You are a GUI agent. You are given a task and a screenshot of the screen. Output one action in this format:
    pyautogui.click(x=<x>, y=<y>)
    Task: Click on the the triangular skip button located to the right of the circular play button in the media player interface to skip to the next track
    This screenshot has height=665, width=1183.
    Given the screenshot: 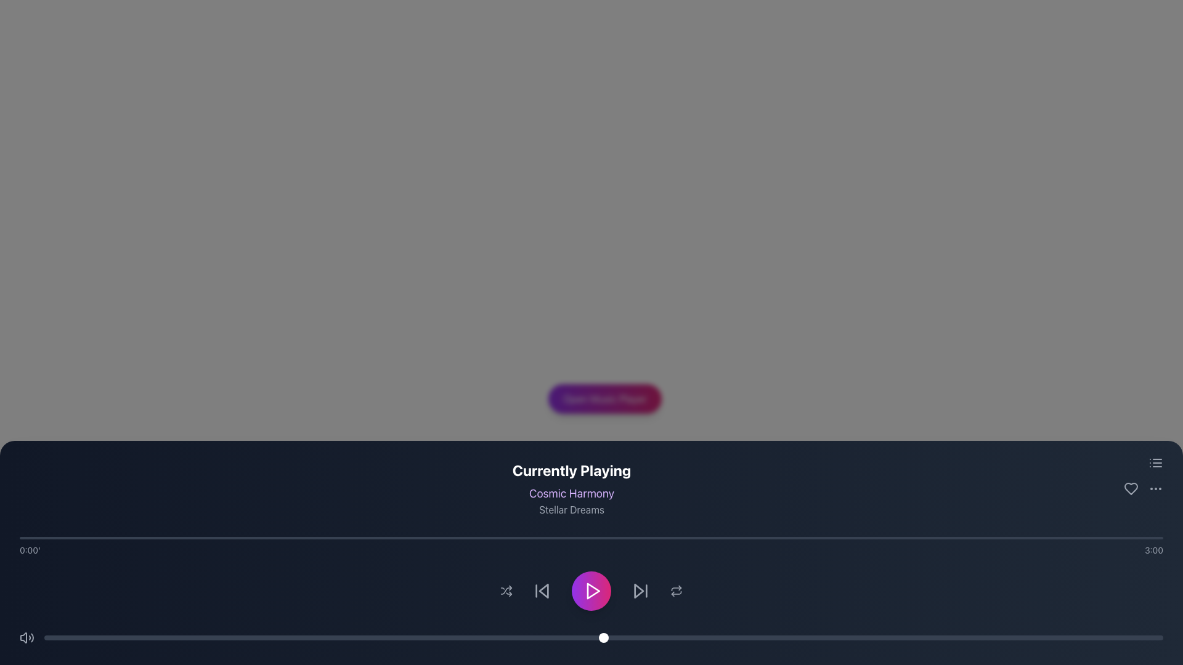 What is the action you would take?
    pyautogui.click(x=638, y=590)
    